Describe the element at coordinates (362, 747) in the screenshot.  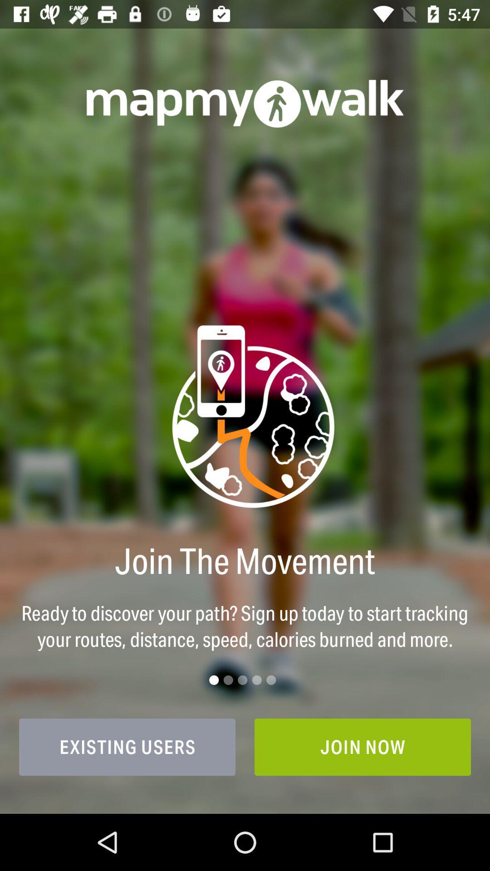
I see `the icon next to existing users` at that location.